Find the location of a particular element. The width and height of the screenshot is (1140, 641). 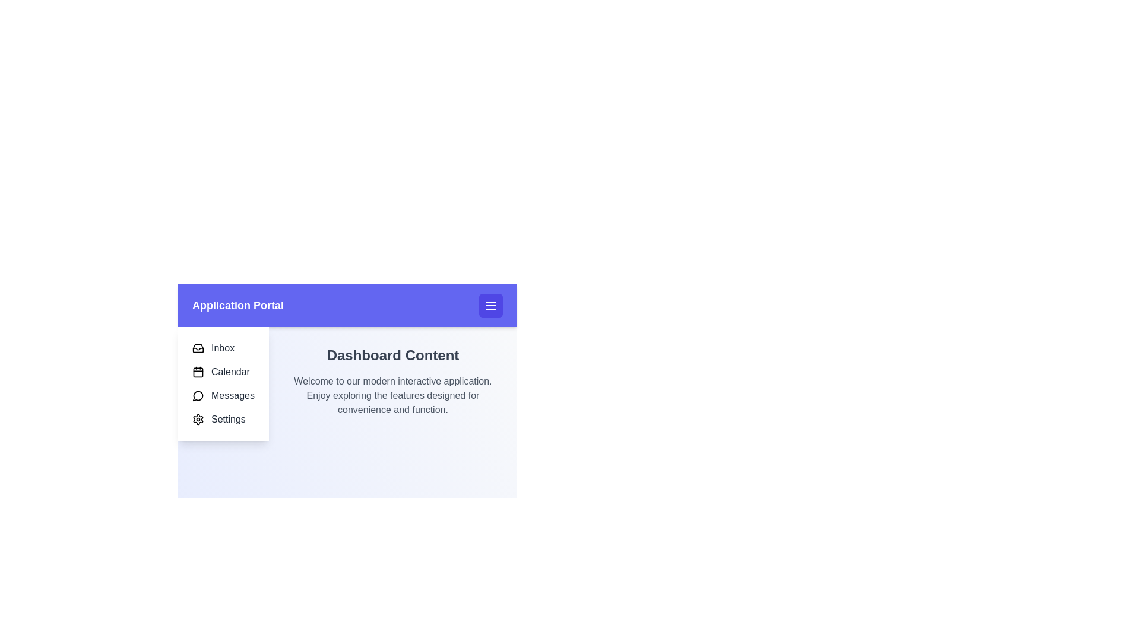

the small black calendar icon in the left navigation menu next to the 'Calendar' label is located at coordinates (198, 372).